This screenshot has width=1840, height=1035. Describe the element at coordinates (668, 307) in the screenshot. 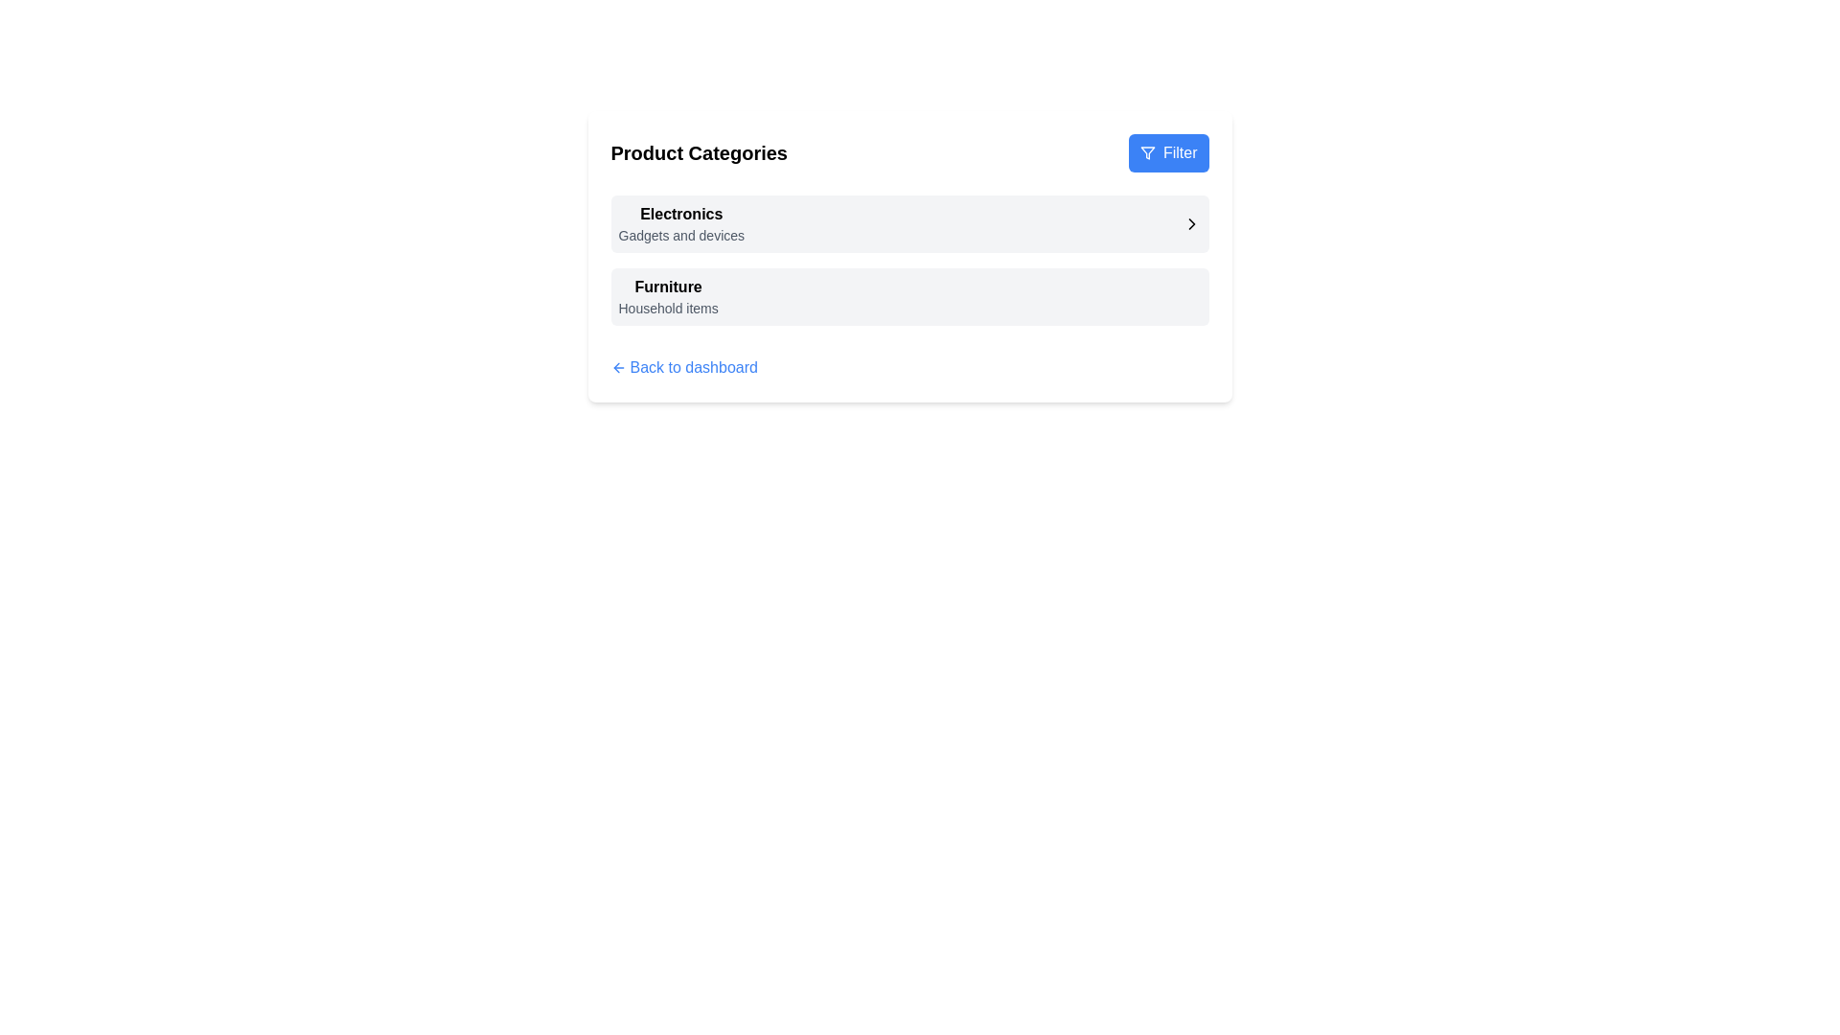

I see `text label displaying 'Household items' which is positioned beneath the 'Furniture' heading` at that location.